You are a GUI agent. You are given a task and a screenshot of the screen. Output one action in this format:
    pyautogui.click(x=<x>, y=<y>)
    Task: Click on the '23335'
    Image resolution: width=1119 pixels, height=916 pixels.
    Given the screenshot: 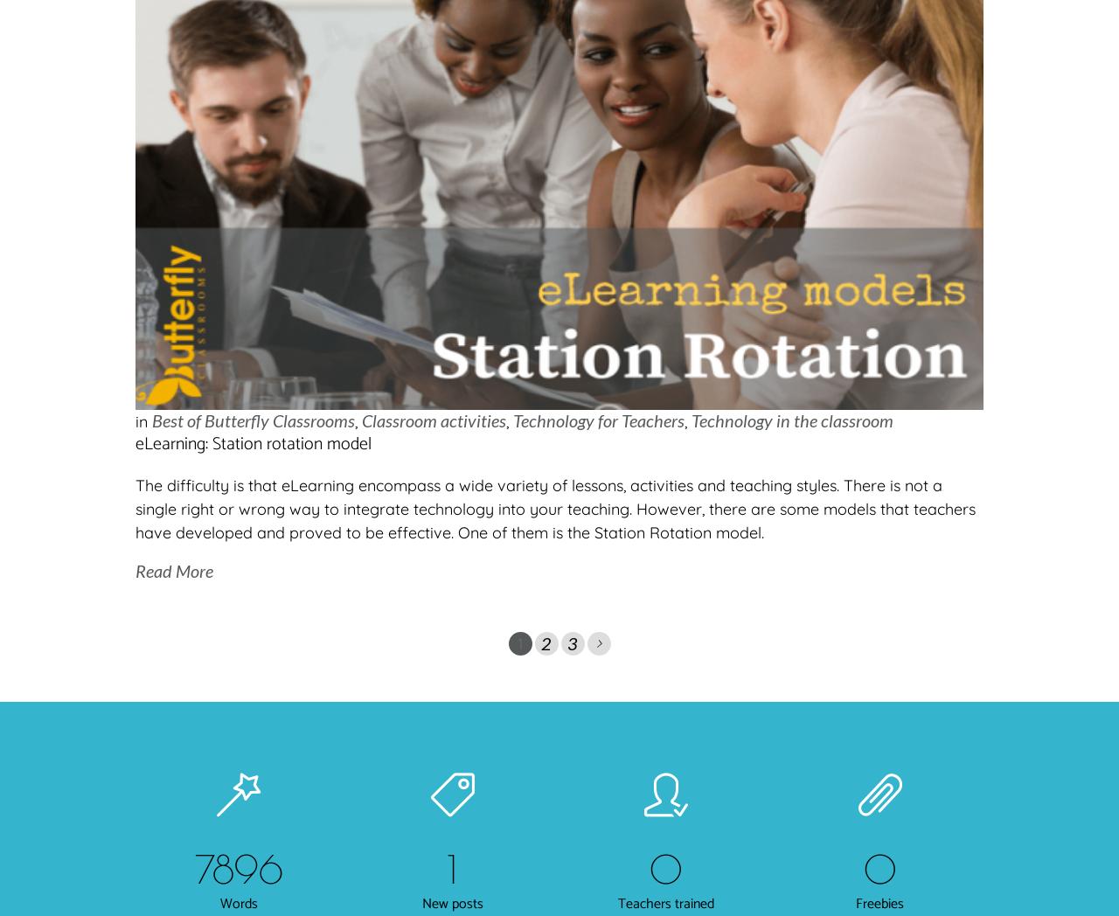 What is the action you would take?
    pyautogui.click(x=237, y=867)
    